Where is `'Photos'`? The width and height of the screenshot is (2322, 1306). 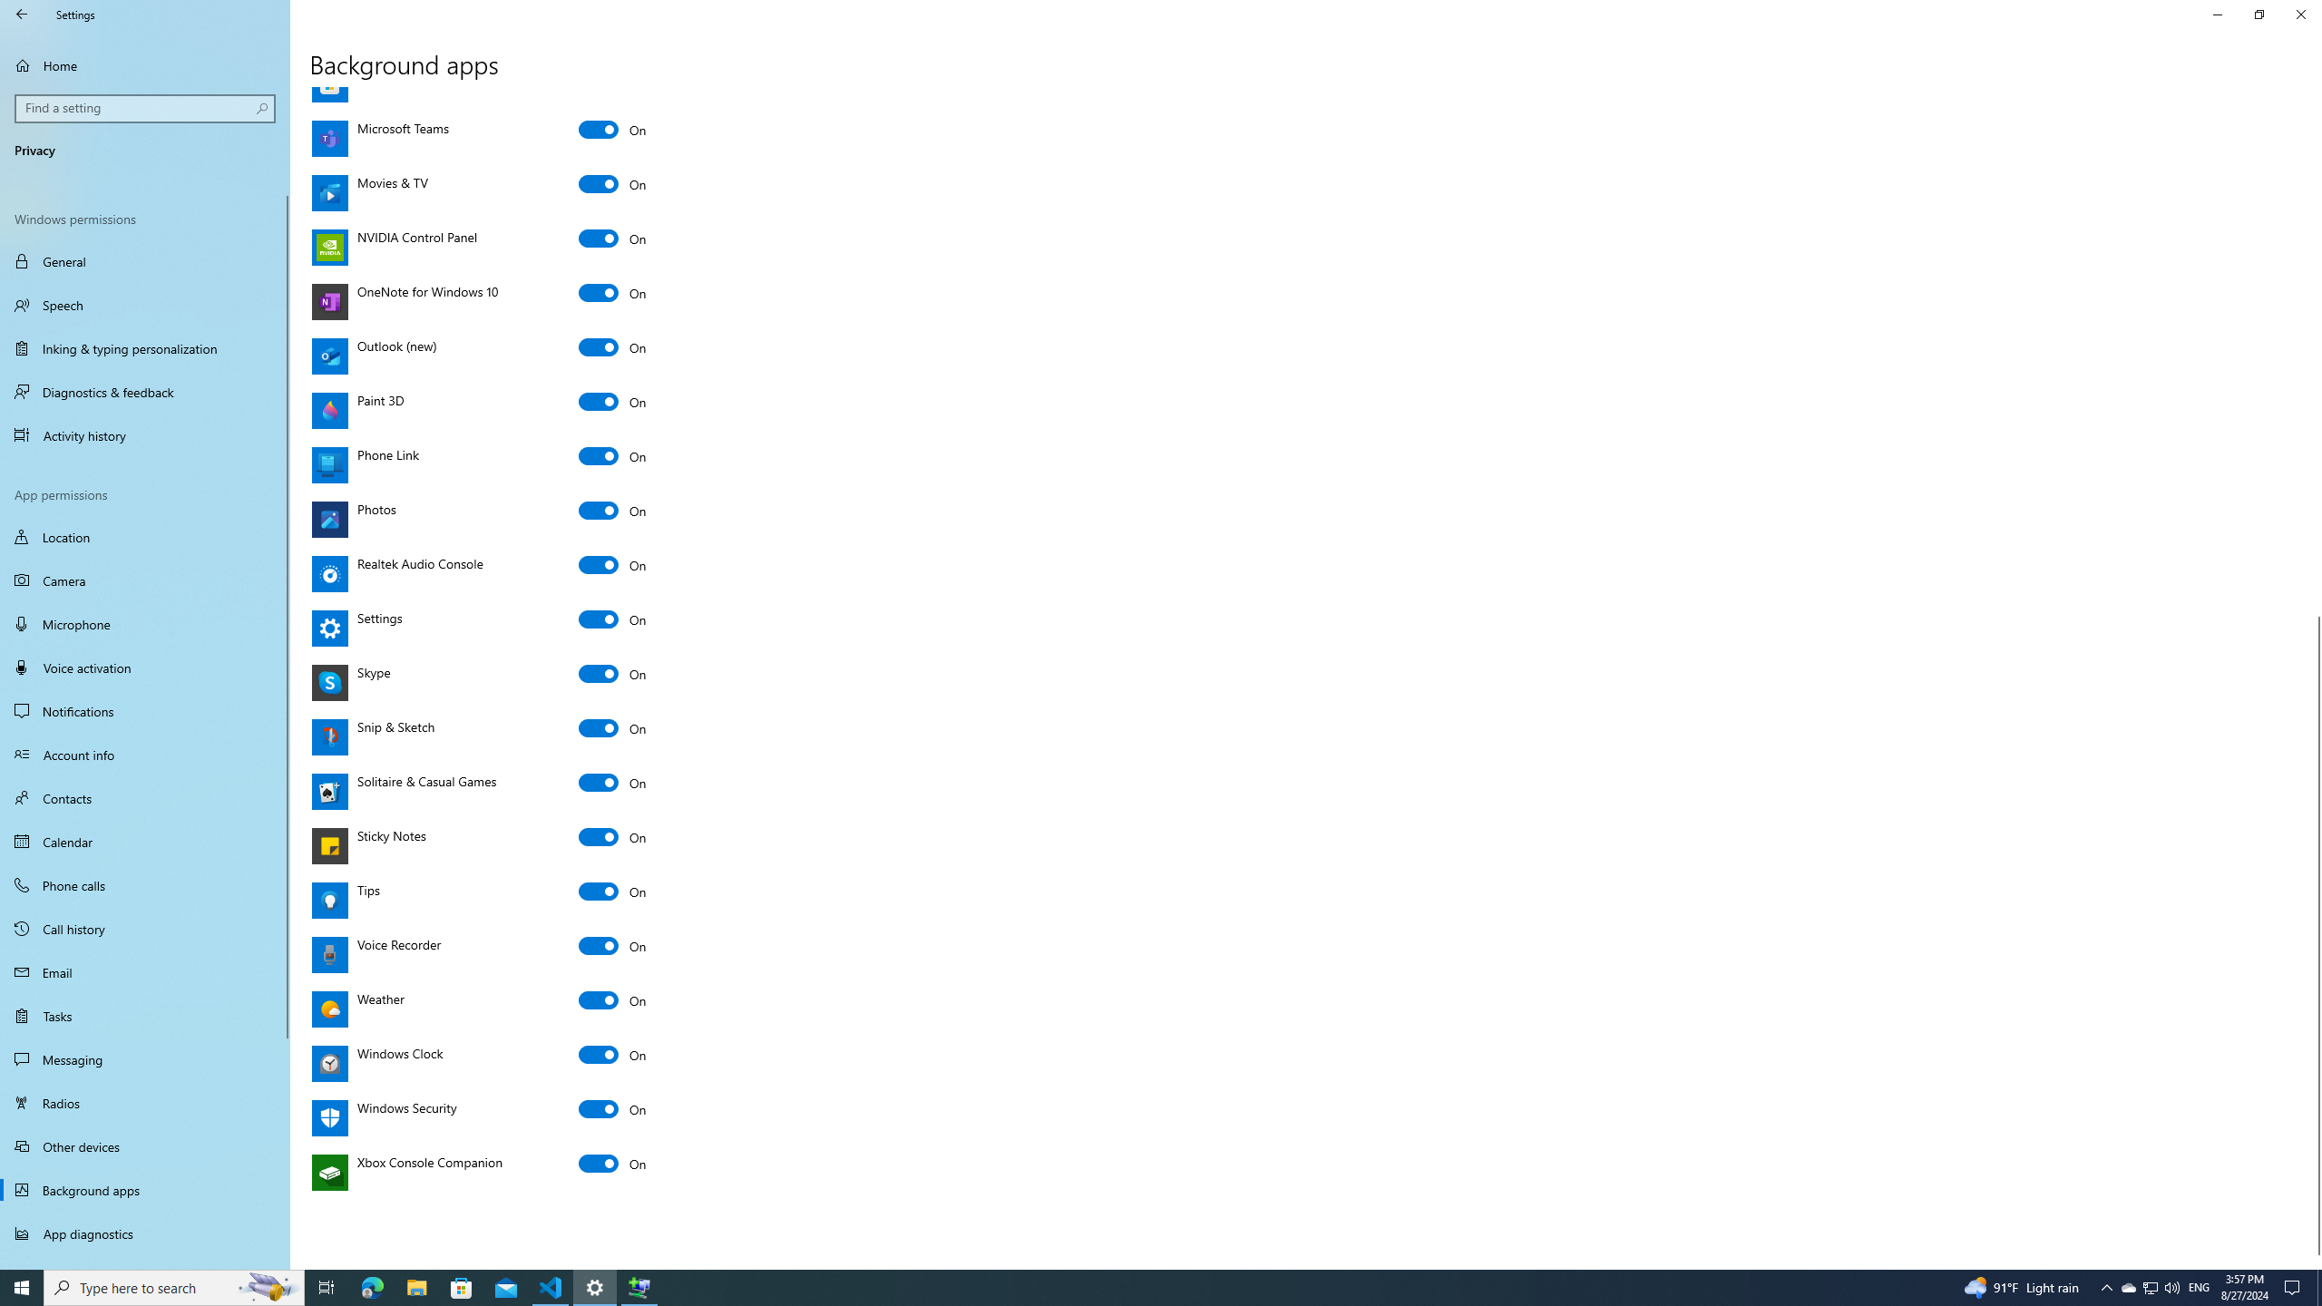 'Photos' is located at coordinates (611, 510).